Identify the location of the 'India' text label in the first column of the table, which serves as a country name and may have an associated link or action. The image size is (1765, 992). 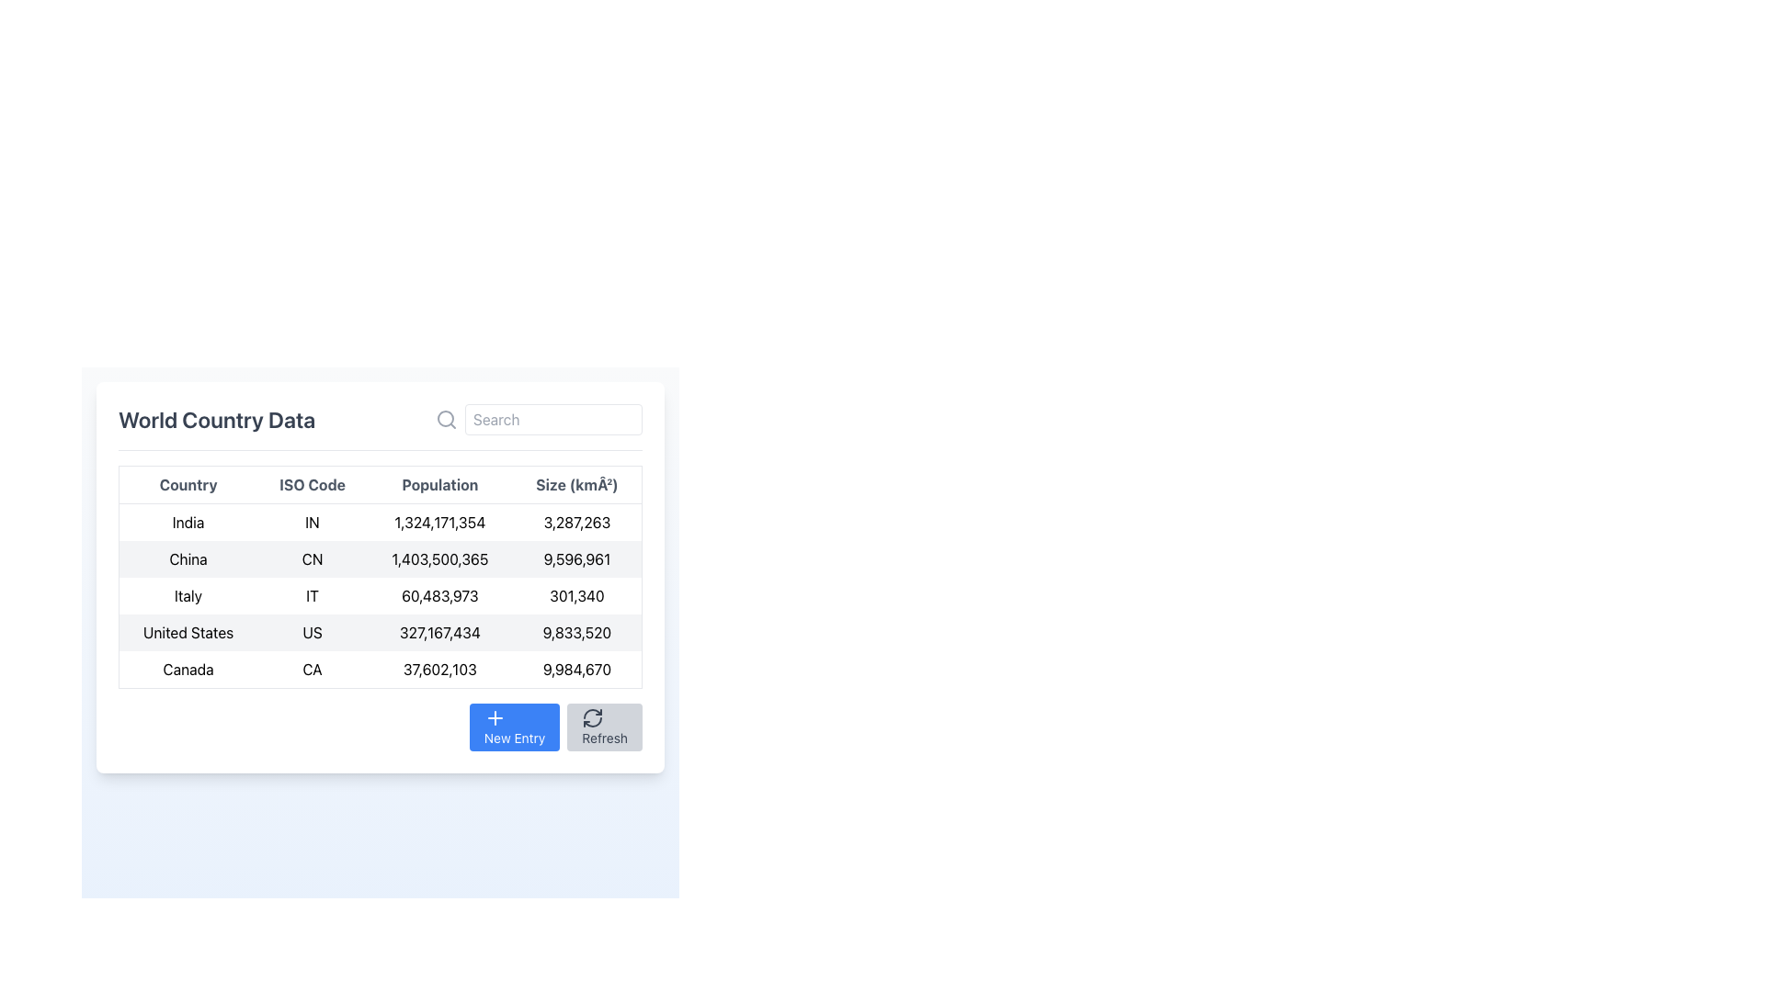
(188, 522).